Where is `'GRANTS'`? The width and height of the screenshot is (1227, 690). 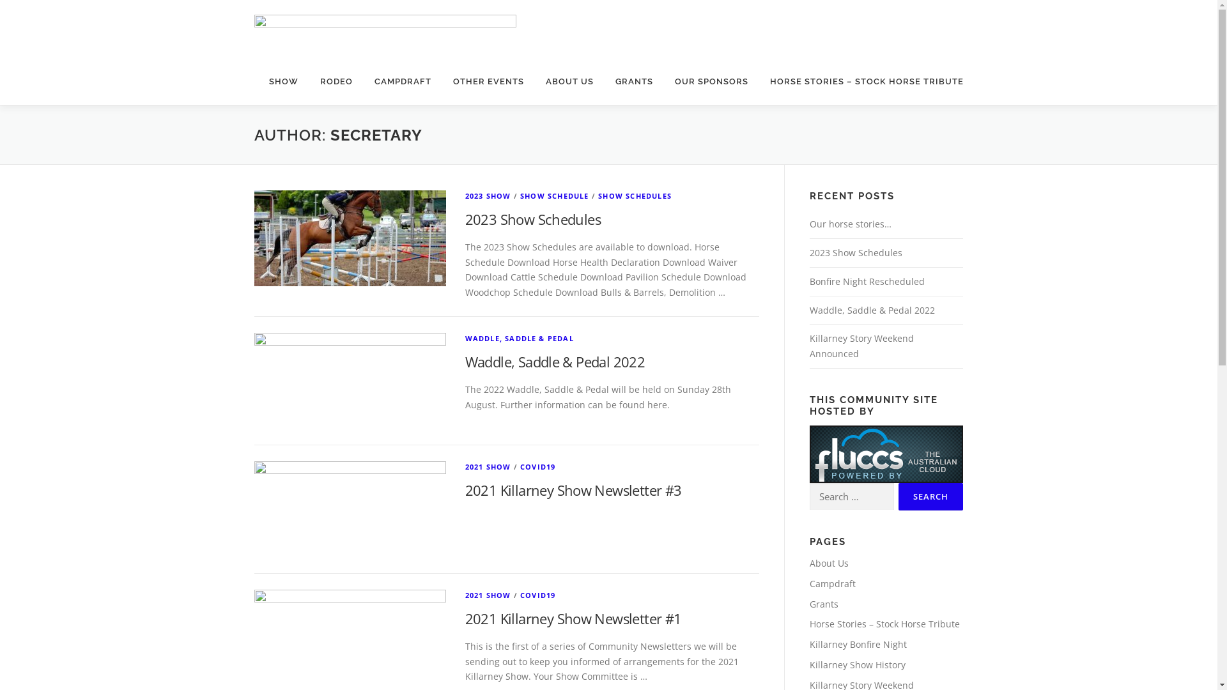
'GRANTS' is located at coordinates (634, 81).